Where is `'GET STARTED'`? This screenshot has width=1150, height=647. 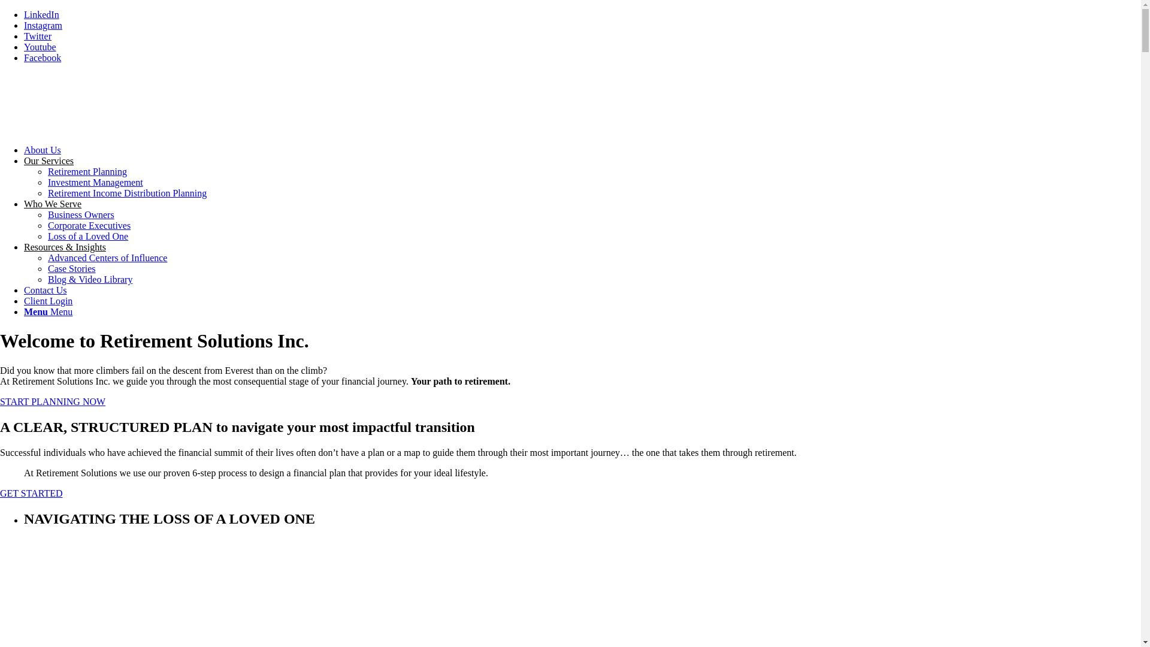 'GET STARTED' is located at coordinates (31, 493).